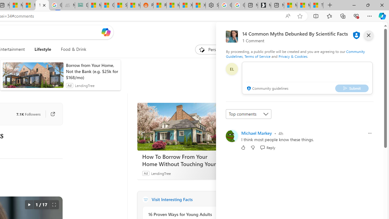 The image size is (389, 219). Describe the element at coordinates (231, 136) in the screenshot. I see `'Profile Picture'` at that location.